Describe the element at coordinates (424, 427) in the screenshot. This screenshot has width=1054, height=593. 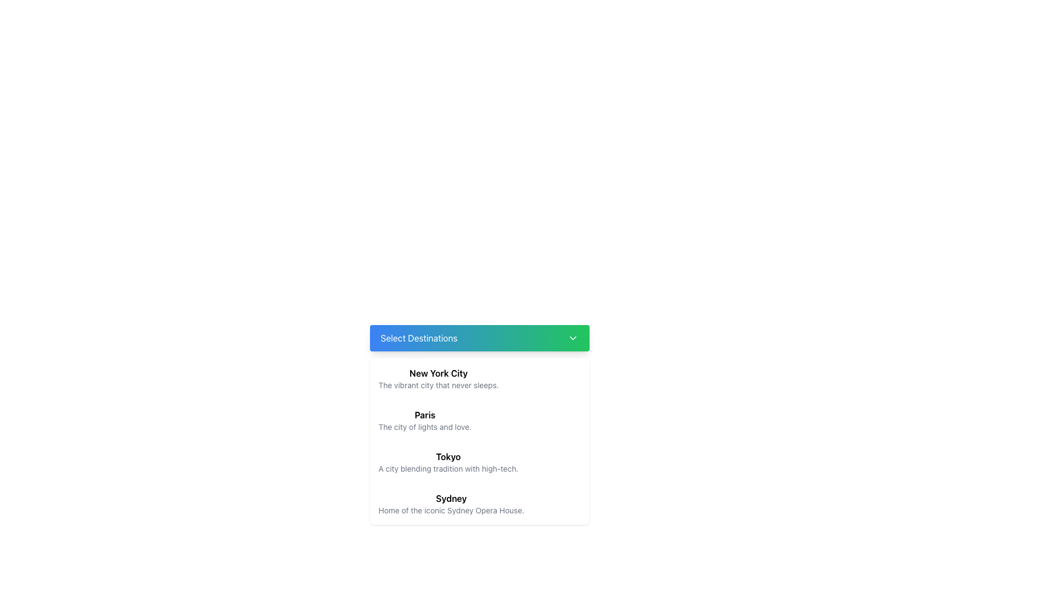
I see `the descriptive text about 'Paris' located in the dropdown list beneath the 'Select Destinations' header` at that location.